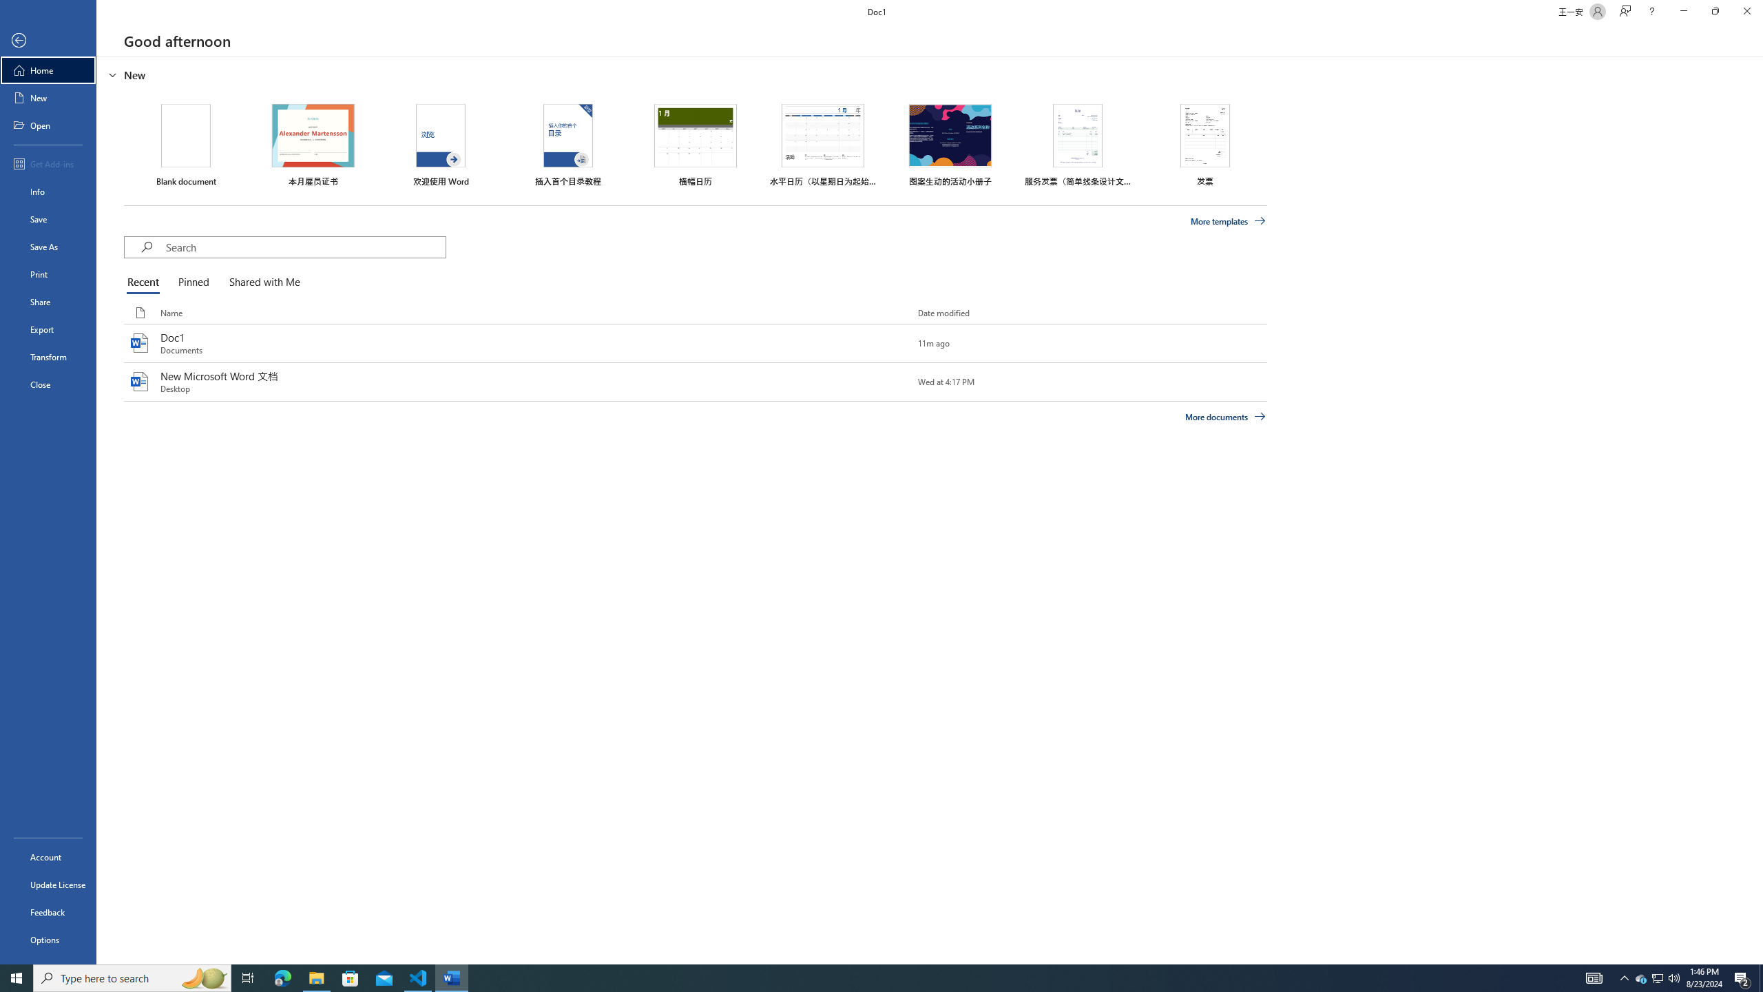 The width and height of the screenshot is (1763, 992). Describe the element at coordinates (48, 912) in the screenshot. I see `'Feedback'` at that location.